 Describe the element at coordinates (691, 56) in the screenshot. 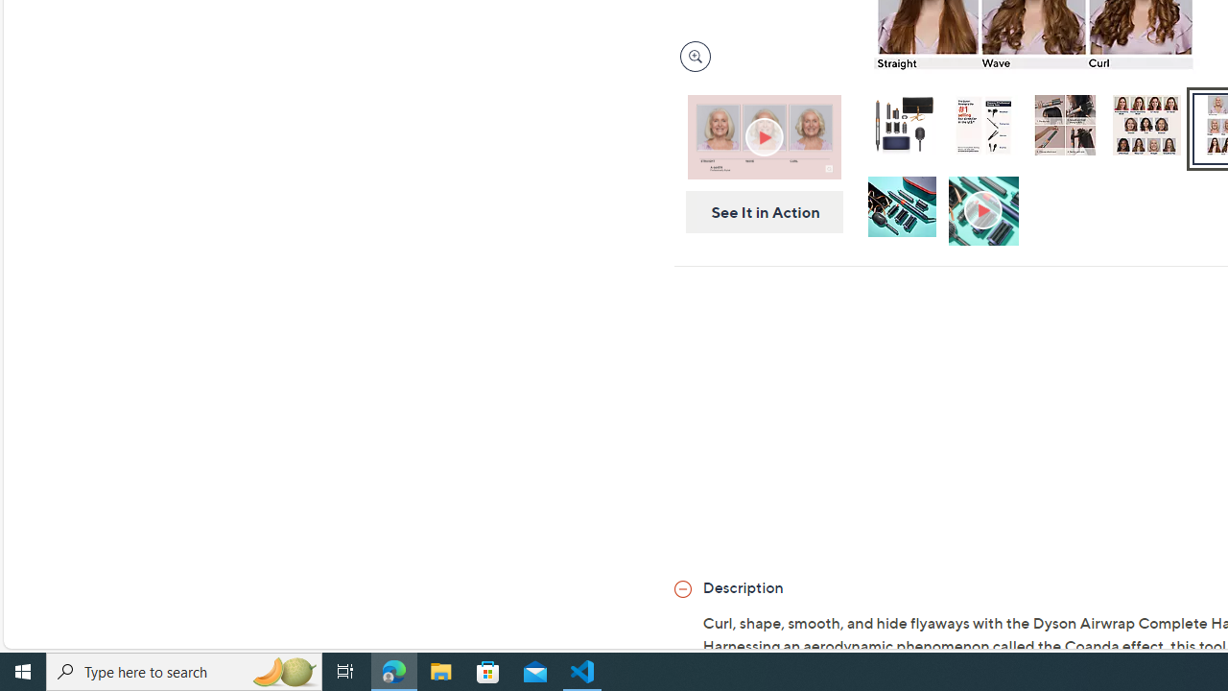

I see `'Zoom product image, opens image gallery dialog'` at that location.